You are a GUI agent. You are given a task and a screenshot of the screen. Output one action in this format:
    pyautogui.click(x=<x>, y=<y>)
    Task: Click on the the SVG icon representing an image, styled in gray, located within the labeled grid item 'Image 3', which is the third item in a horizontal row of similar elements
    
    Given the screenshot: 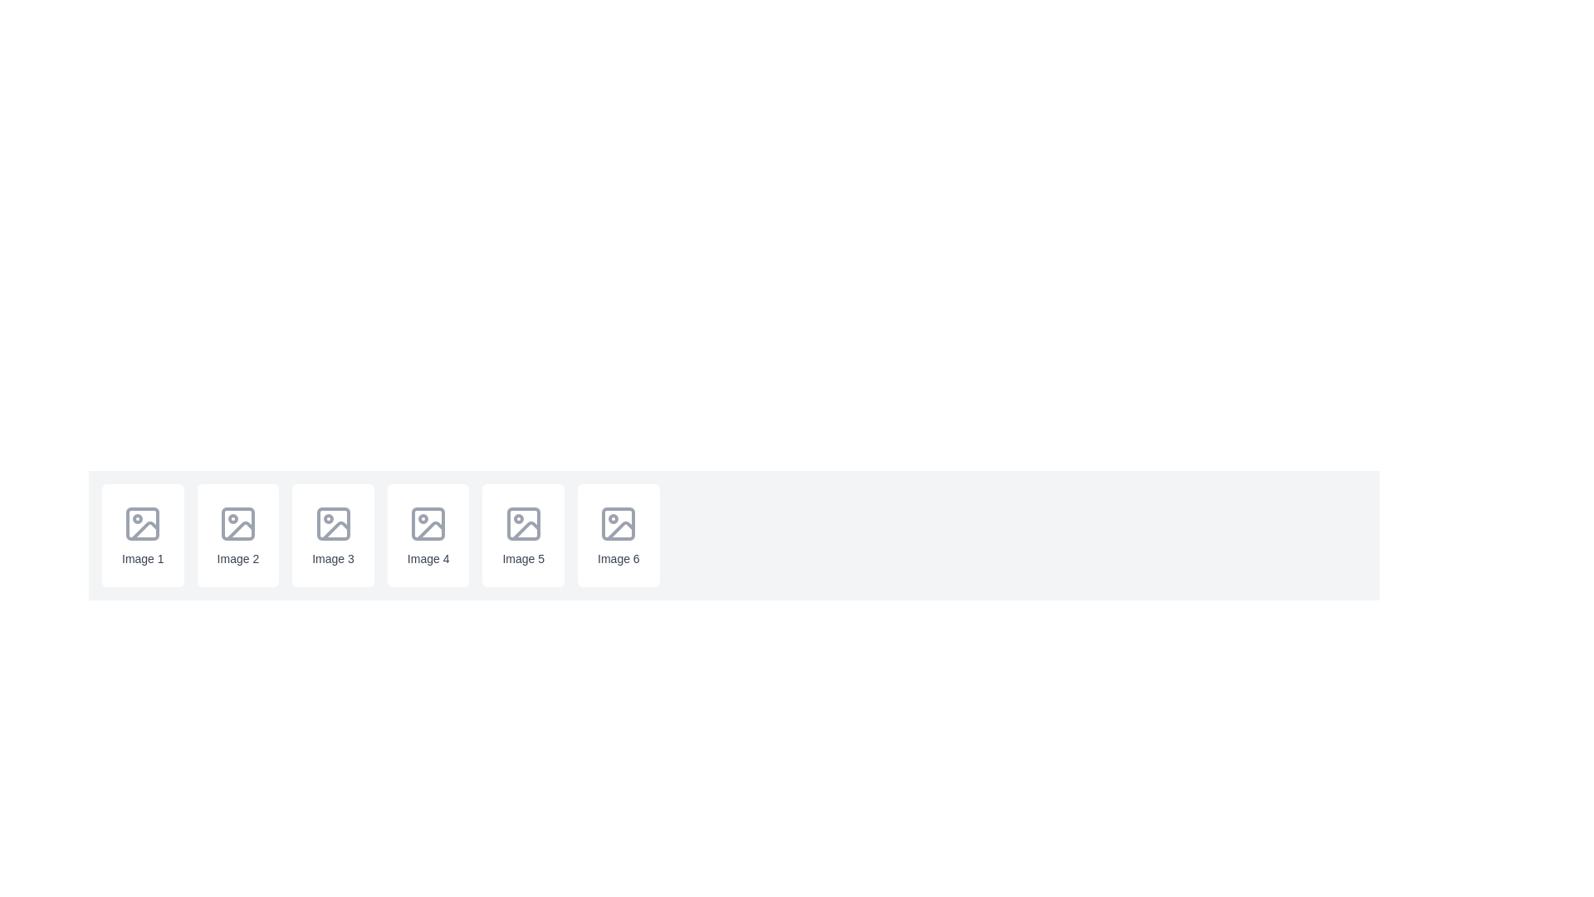 What is the action you would take?
    pyautogui.click(x=332, y=524)
    